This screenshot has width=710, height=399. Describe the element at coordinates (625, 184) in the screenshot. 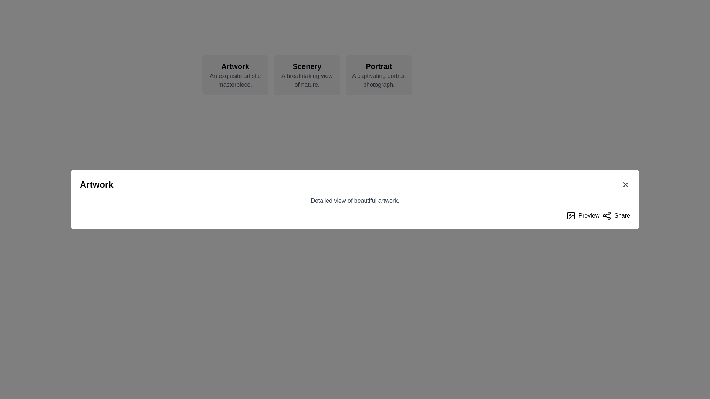

I see `the small cross mark 'X' icon located in the top-right corner of the modal` at that location.